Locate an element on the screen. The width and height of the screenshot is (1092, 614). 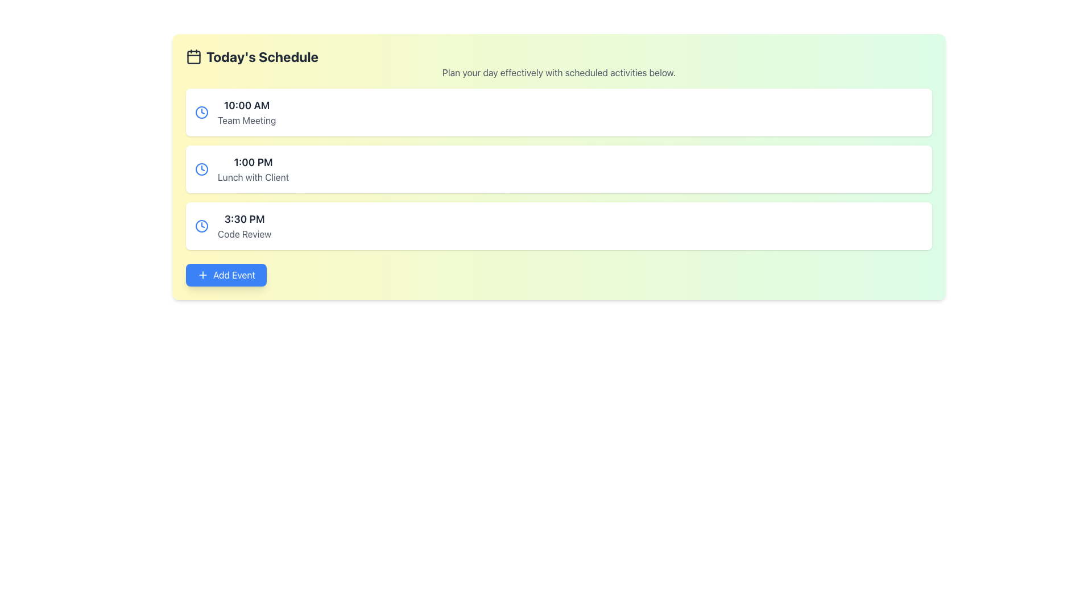
the decorative graphic (calendar date box) that visually represents the date box portion of a calendar icon, located to the left of the heading 'Today's Schedule' is located at coordinates (193, 57).